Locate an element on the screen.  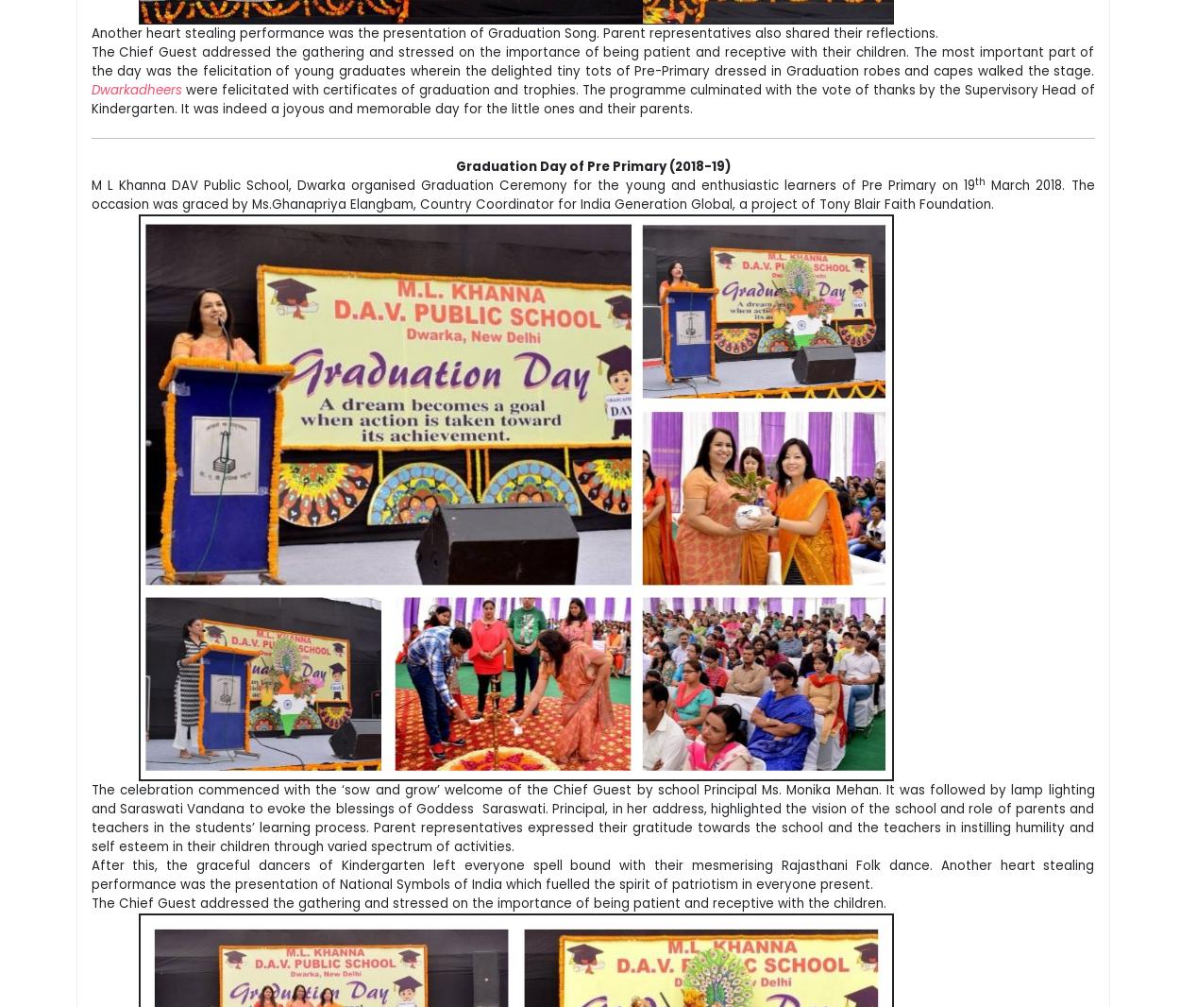
'Like Us on:' is located at coordinates (107, 827).